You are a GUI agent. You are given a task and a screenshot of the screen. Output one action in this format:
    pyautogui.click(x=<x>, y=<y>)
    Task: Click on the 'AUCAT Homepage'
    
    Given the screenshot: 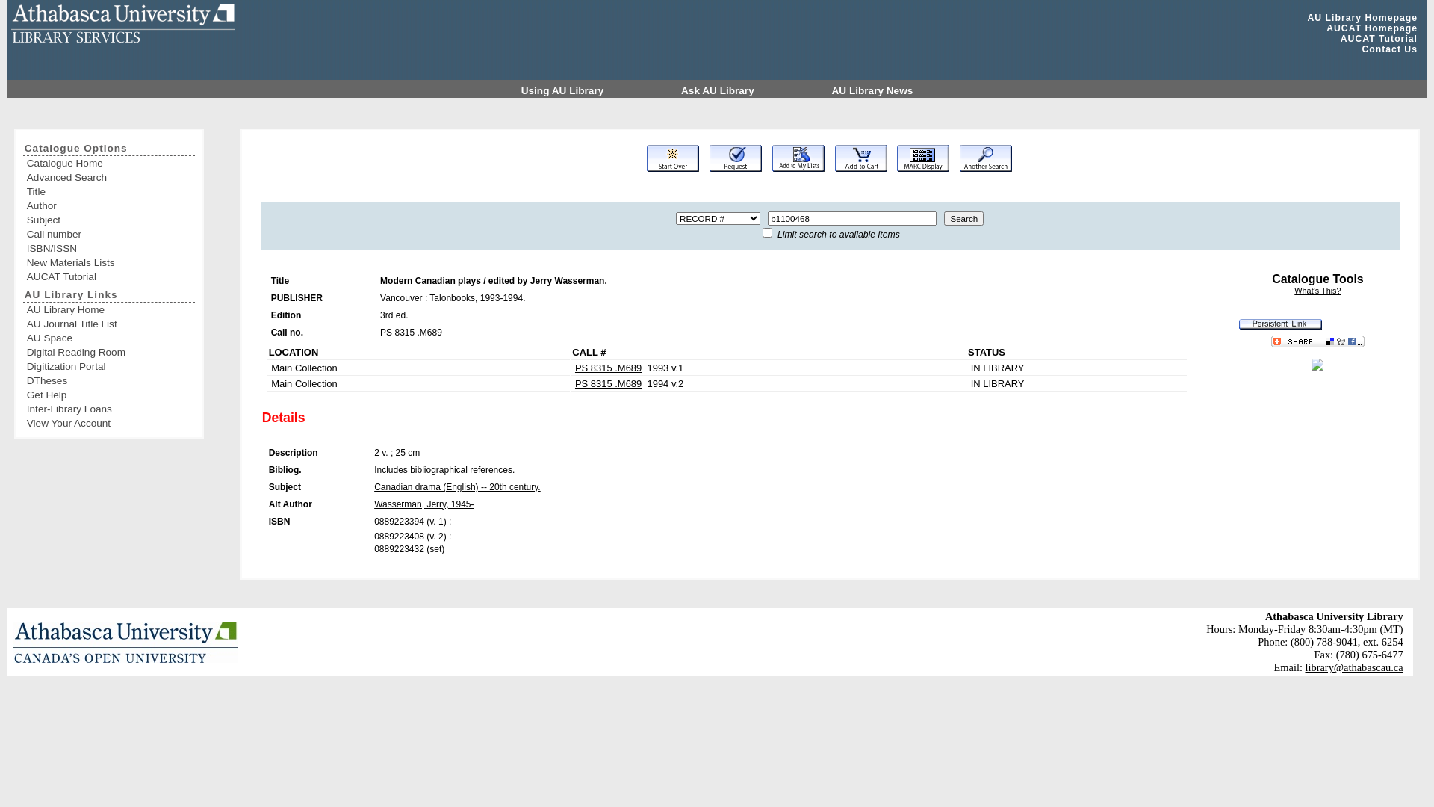 What is the action you would take?
    pyautogui.click(x=1372, y=28)
    